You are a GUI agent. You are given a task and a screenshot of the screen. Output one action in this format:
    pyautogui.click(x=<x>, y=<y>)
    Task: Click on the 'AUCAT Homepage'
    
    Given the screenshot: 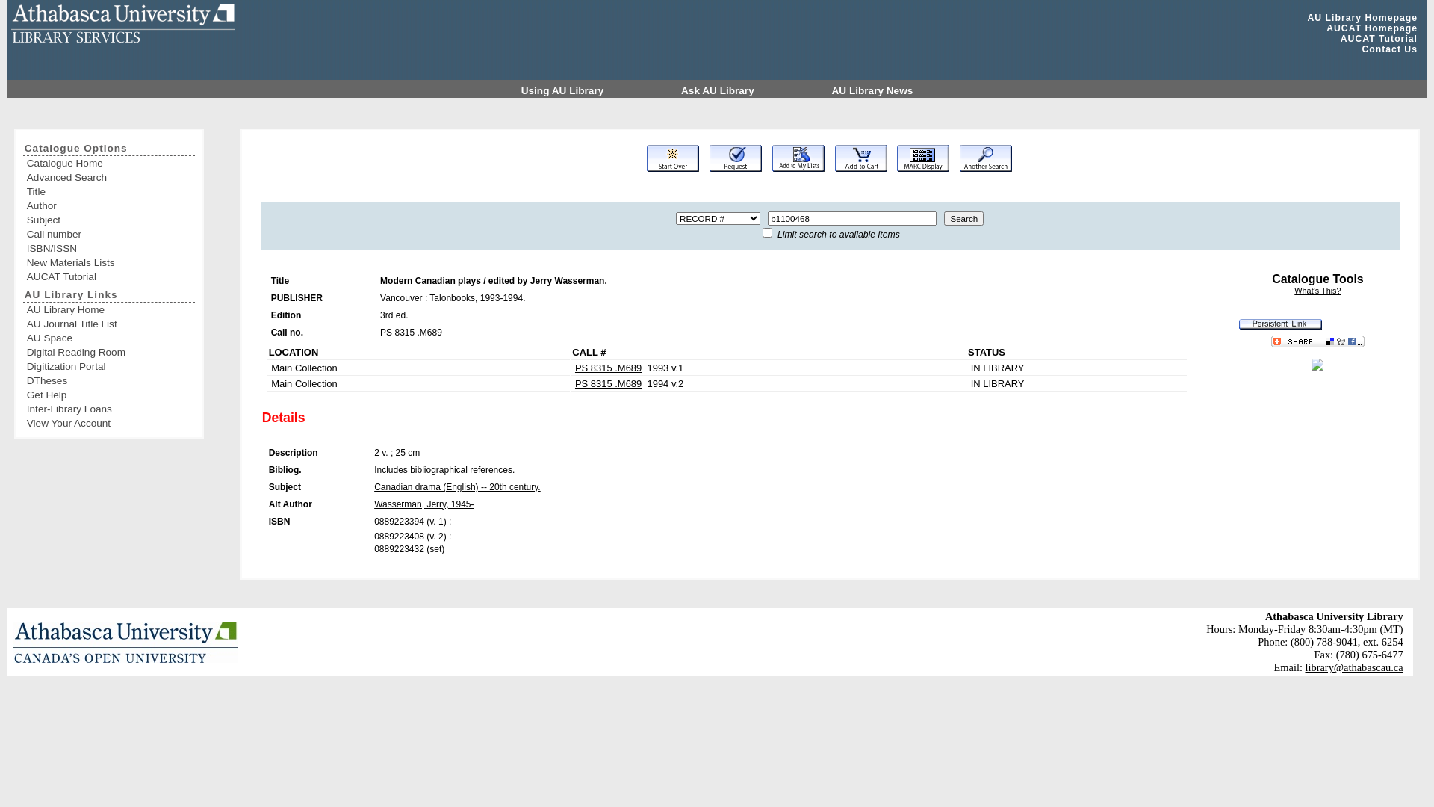 What is the action you would take?
    pyautogui.click(x=1372, y=28)
    